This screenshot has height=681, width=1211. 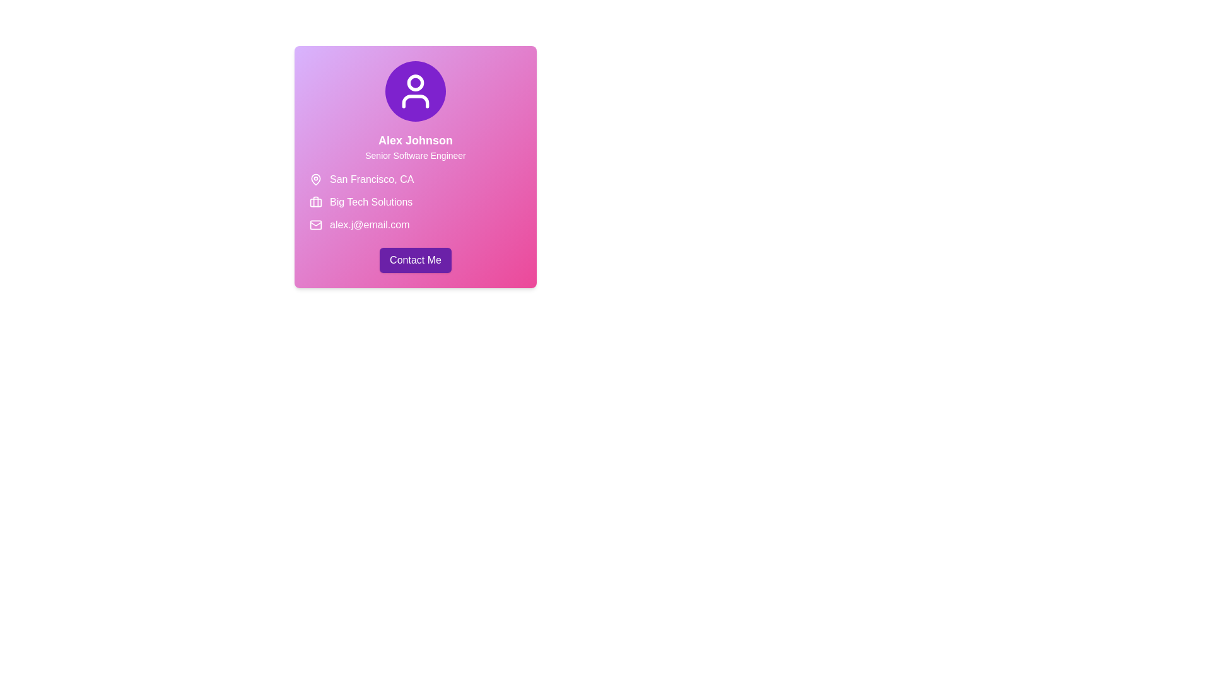 What do you see at coordinates (415, 259) in the screenshot?
I see `the 'Contact Me' button, which has a deep purple background and white text` at bounding box center [415, 259].